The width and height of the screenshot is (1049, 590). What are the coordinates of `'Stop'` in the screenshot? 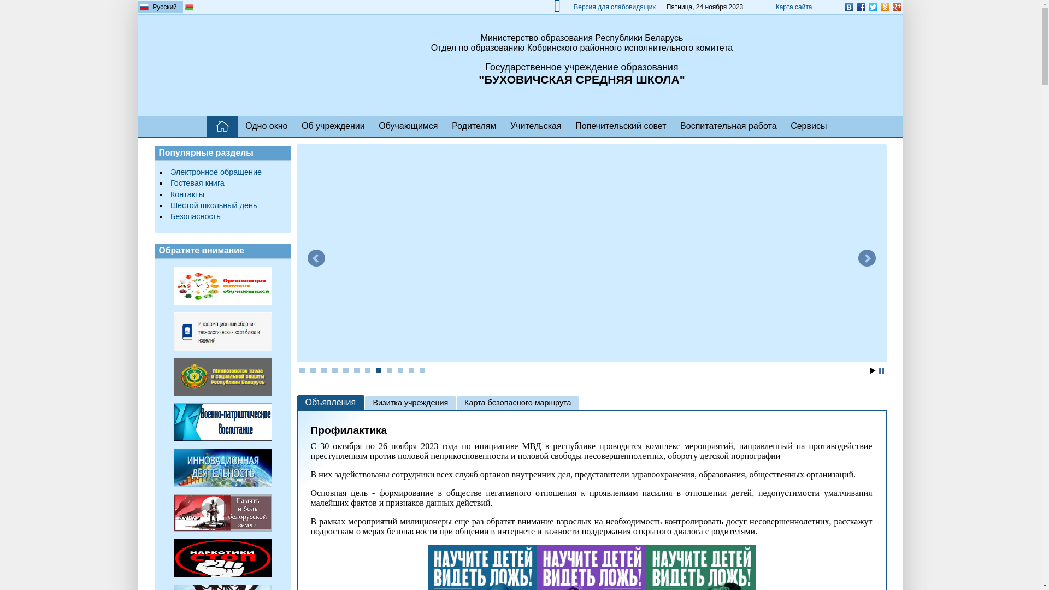 It's located at (881, 370).